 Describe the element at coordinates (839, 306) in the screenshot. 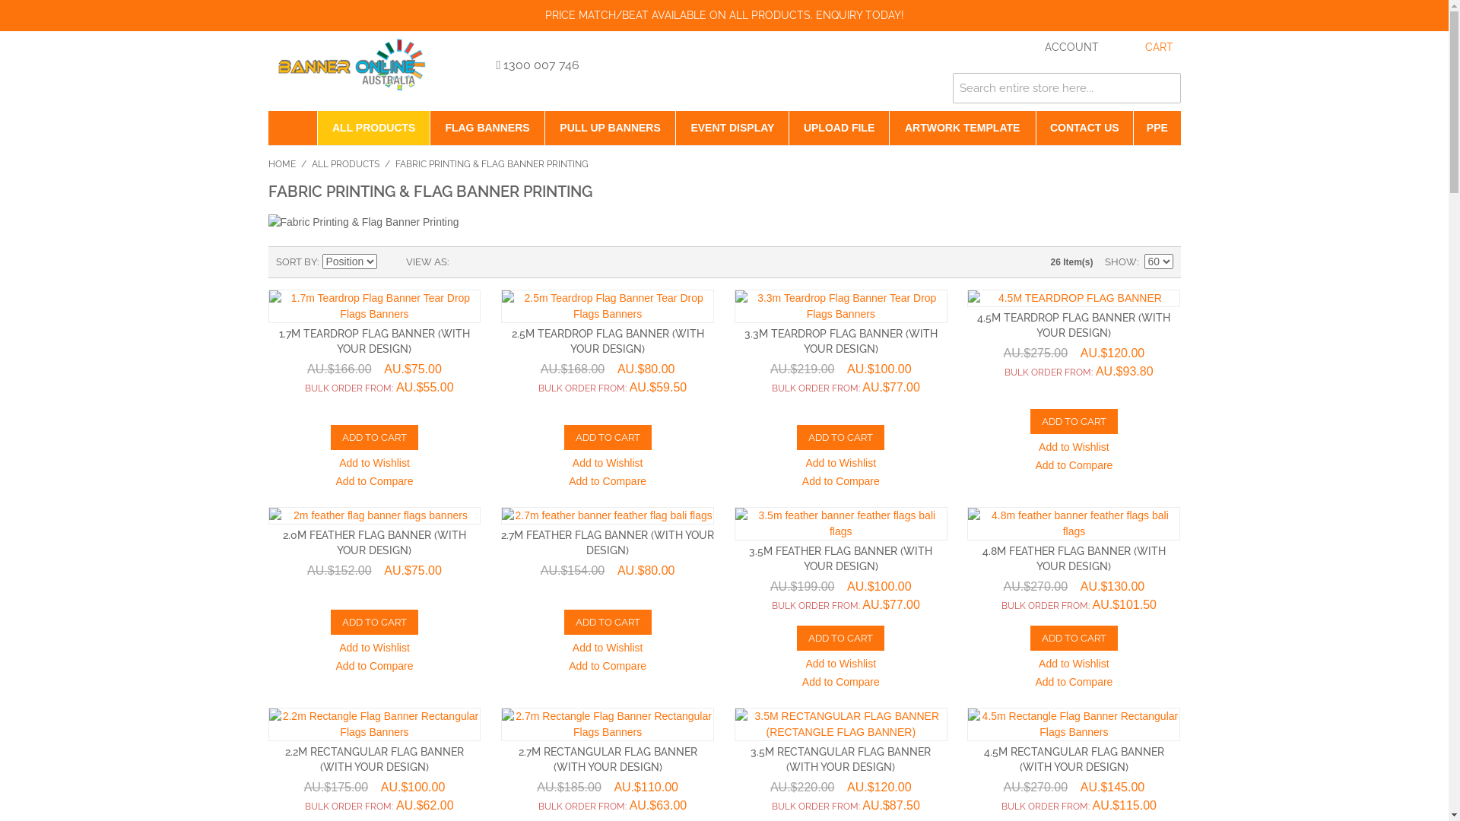

I see `'3.3m Teardrop Flag Banner Tear Drop Flags Banners'` at that location.